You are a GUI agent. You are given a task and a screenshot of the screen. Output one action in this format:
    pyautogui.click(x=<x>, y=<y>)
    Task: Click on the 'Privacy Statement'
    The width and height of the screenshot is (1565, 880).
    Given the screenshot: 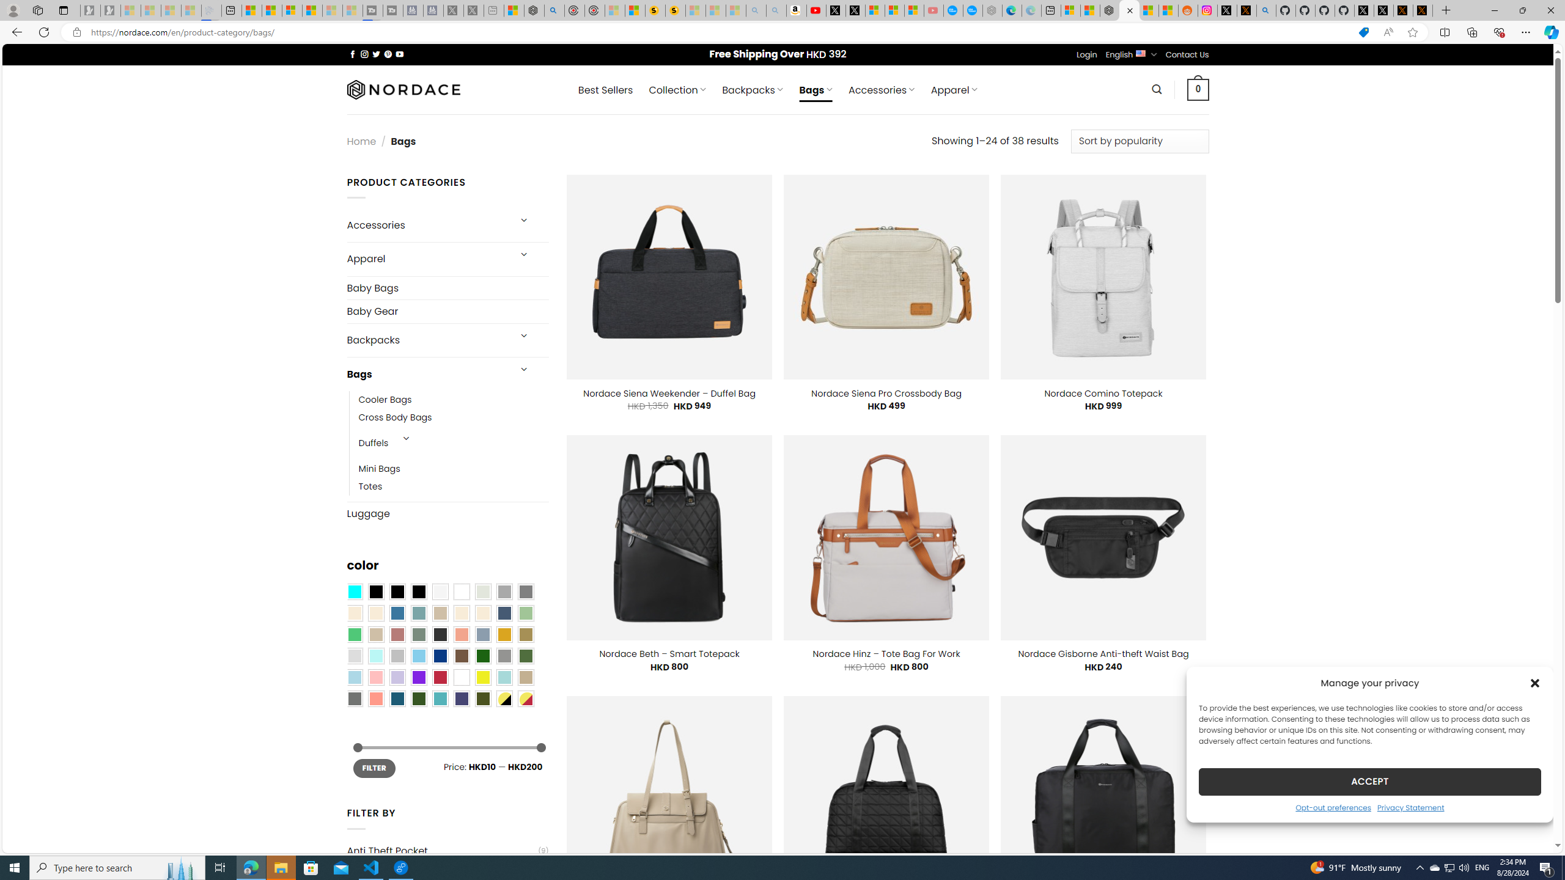 What is the action you would take?
    pyautogui.click(x=1410, y=807)
    